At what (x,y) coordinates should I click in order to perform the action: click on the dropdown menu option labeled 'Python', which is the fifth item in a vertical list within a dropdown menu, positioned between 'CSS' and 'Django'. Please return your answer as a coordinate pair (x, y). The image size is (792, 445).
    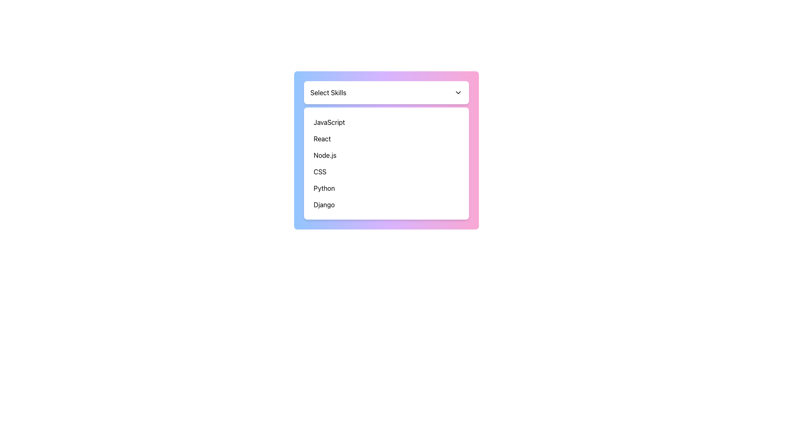
    Looking at the image, I should click on (386, 188).